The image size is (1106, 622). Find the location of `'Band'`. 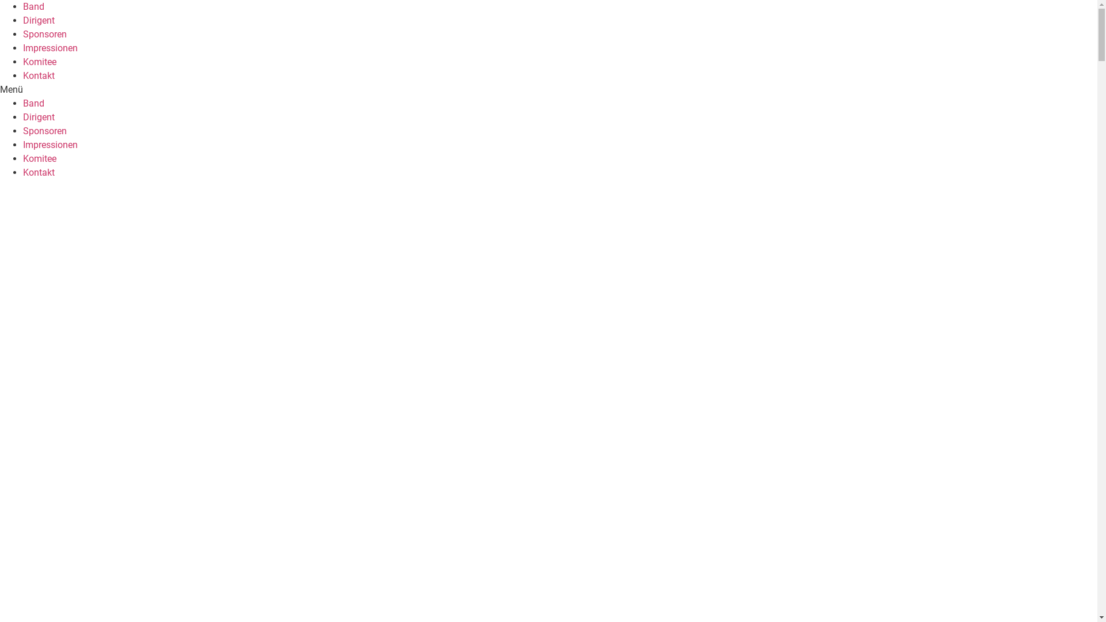

'Band' is located at coordinates (33, 6).